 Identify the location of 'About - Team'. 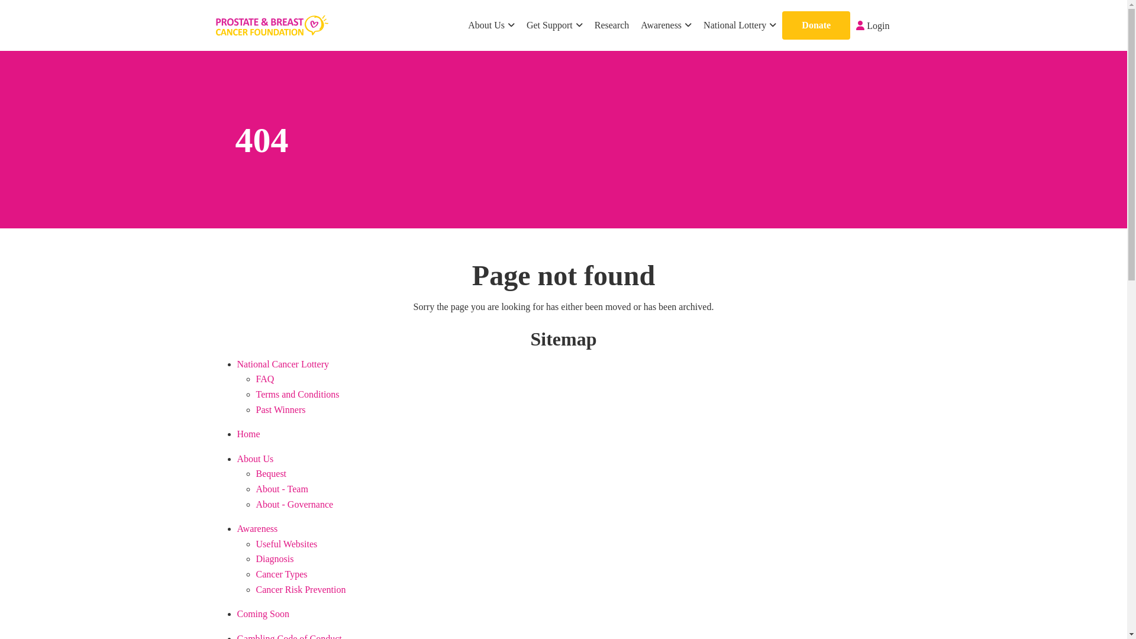
(280, 489).